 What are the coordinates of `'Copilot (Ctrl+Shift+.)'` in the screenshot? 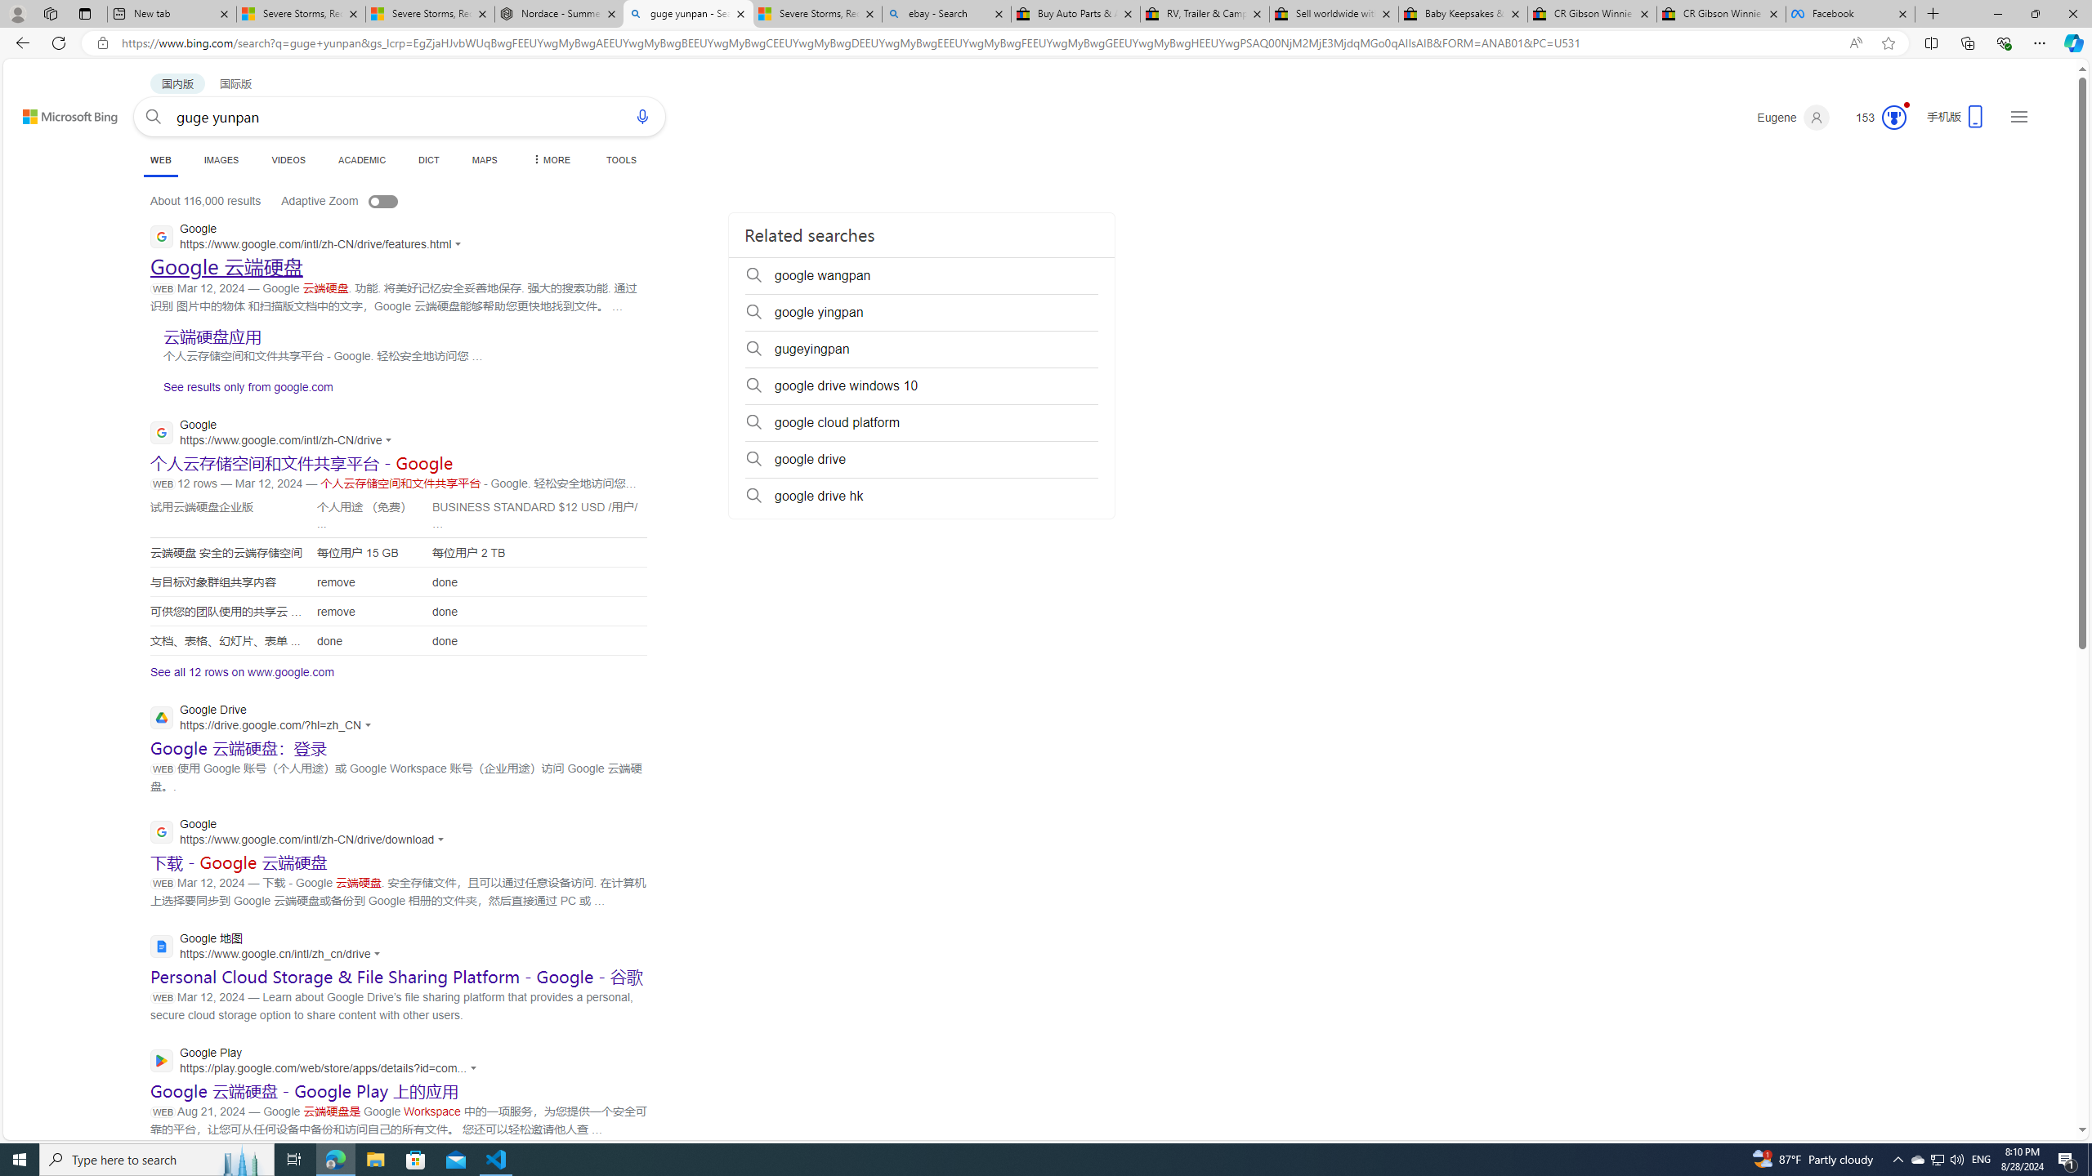 It's located at (2072, 42).